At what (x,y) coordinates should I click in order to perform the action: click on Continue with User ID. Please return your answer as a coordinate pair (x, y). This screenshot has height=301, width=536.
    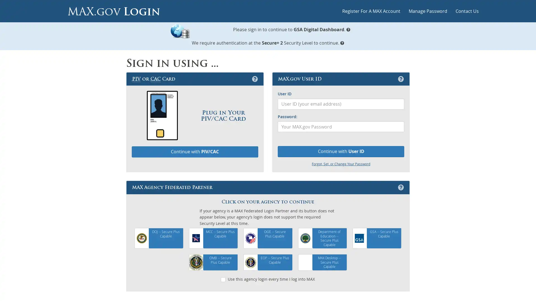
    Looking at the image, I should click on (340, 151).